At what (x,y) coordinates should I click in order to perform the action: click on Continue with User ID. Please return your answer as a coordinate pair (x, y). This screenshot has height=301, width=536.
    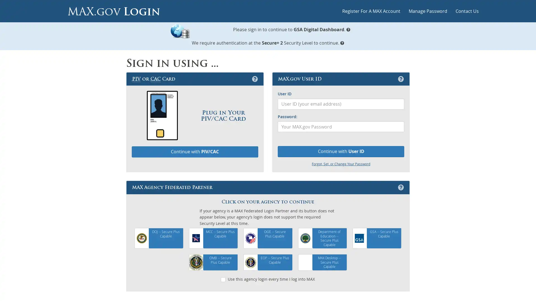
    Looking at the image, I should click on (340, 151).